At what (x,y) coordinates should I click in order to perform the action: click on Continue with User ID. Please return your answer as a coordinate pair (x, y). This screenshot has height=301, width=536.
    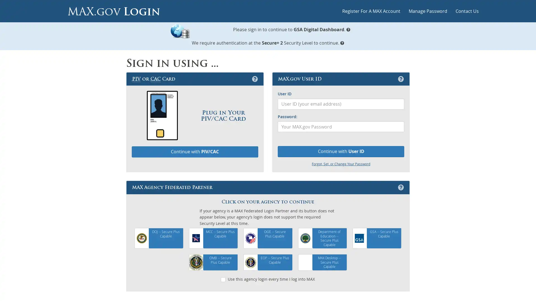
    Looking at the image, I should click on (340, 151).